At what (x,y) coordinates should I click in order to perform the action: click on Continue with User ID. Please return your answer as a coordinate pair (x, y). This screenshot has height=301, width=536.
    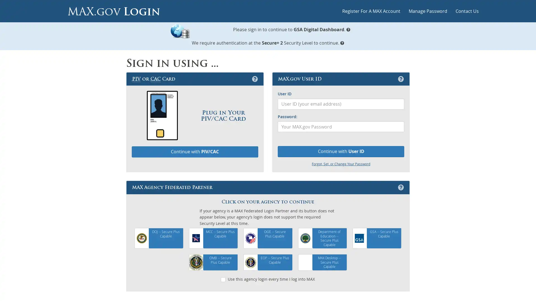
    Looking at the image, I should click on (340, 151).